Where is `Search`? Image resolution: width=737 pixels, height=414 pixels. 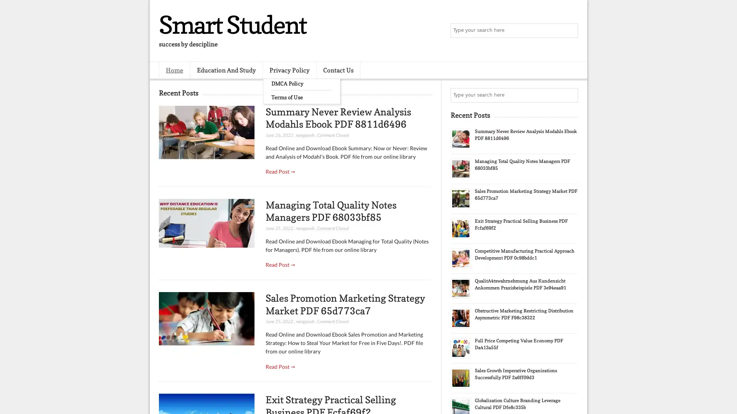 Search is located at coordinates (570, 95).